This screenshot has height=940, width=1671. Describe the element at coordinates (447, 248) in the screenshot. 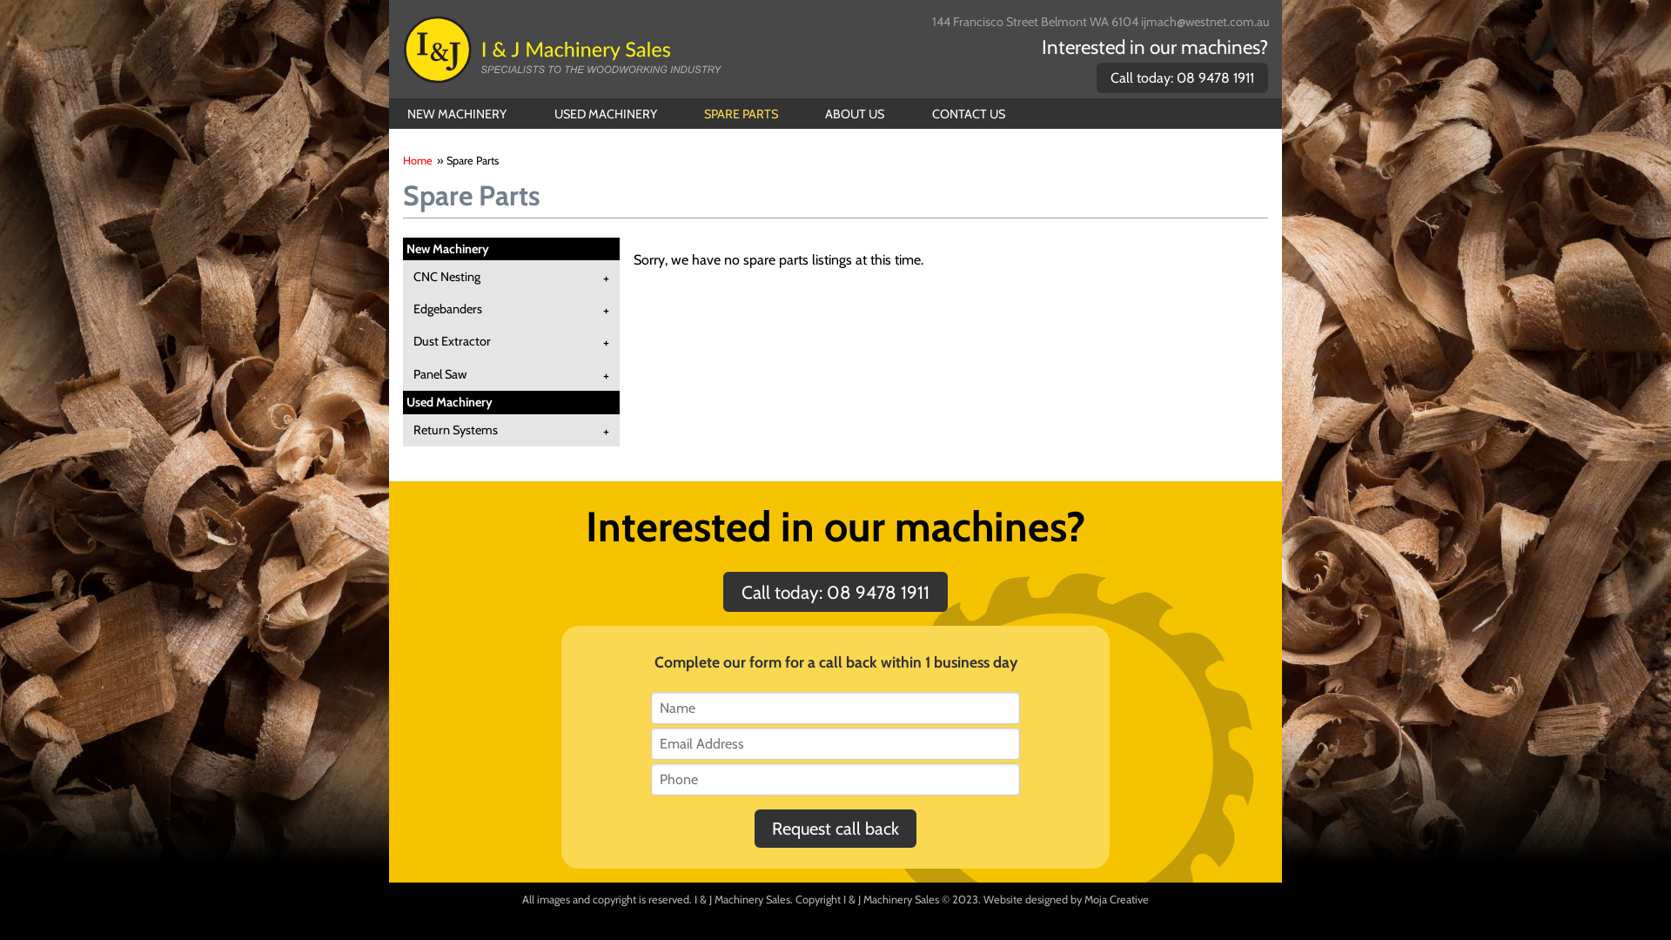

I see `'New Machinery'` at that location.